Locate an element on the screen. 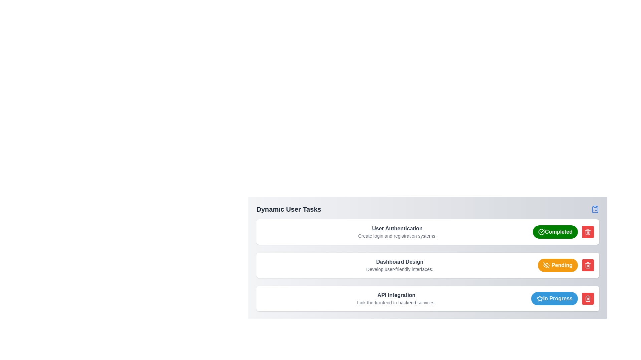 The image size is (641, 360). the text label or heading that provides a brief description of the task's purpose, located under 'Dashboard Design' in the 'Dynamic User Tasks' list is located at coordinates (396, 295).